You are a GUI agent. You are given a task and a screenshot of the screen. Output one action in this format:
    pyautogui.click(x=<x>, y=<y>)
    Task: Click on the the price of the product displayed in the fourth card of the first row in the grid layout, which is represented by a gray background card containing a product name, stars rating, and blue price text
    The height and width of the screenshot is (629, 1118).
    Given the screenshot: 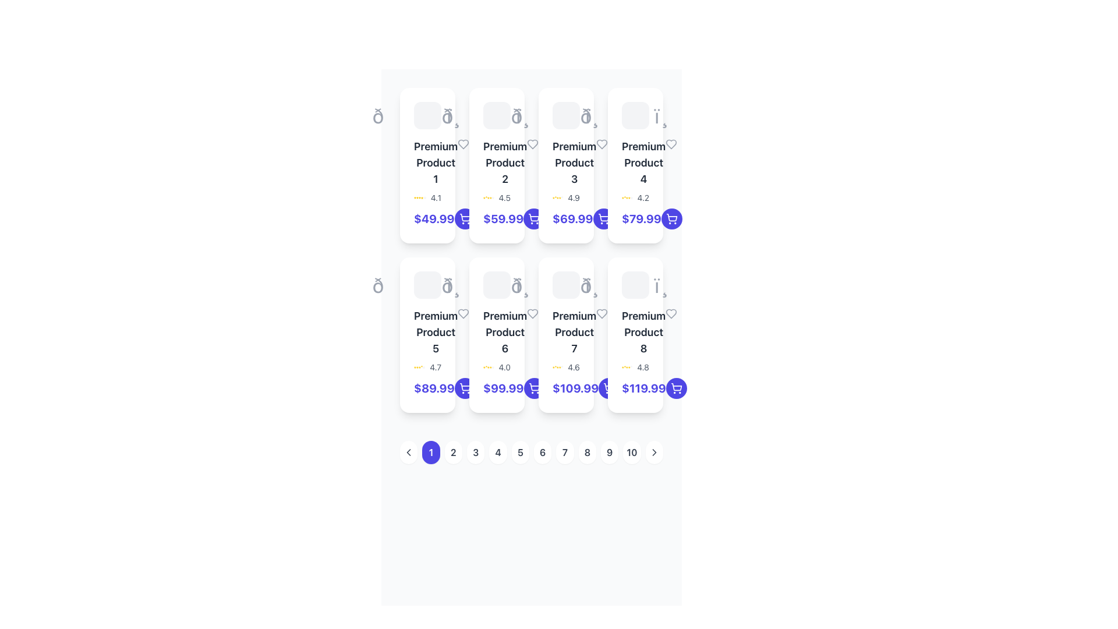 What is the action you would take?
    pyautogui.click(x=635, y=165)
    